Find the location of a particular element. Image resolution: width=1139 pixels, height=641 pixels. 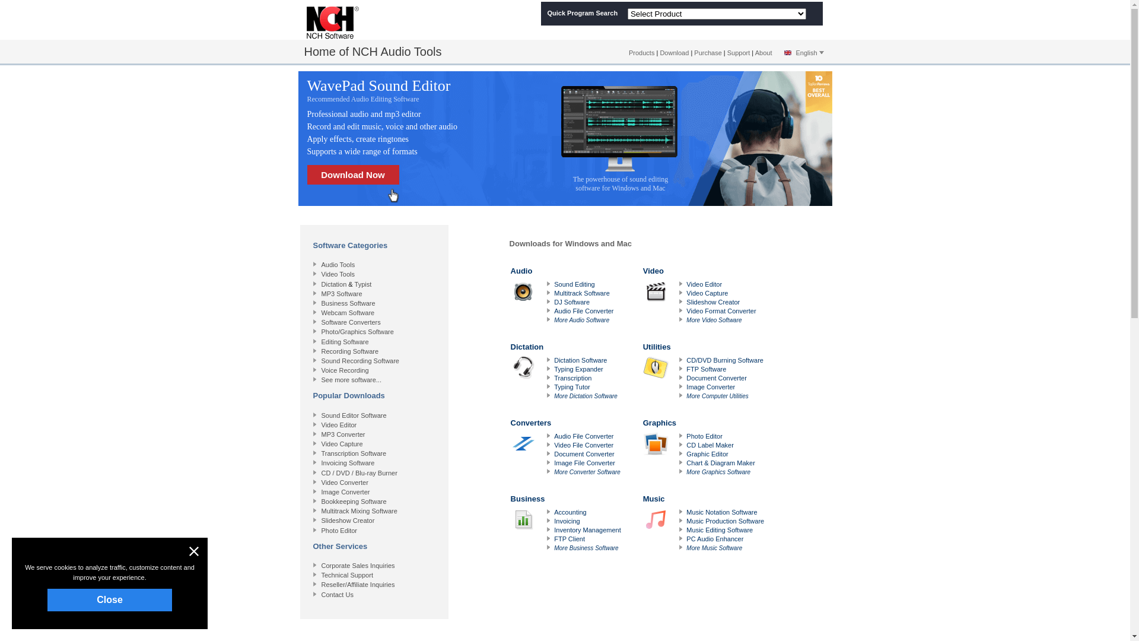

'Video Capture' is located at coordinates (707, 293).